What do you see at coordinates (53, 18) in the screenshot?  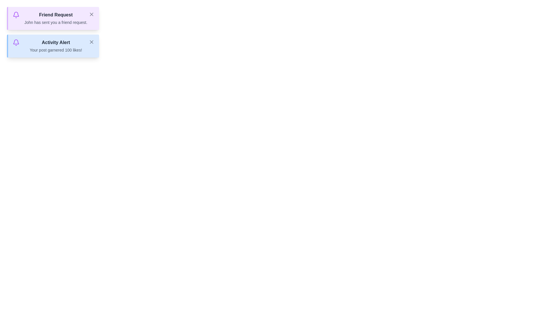 I see `the alert Friend Request to observe any hover effects` at bounding box center [53, 18].